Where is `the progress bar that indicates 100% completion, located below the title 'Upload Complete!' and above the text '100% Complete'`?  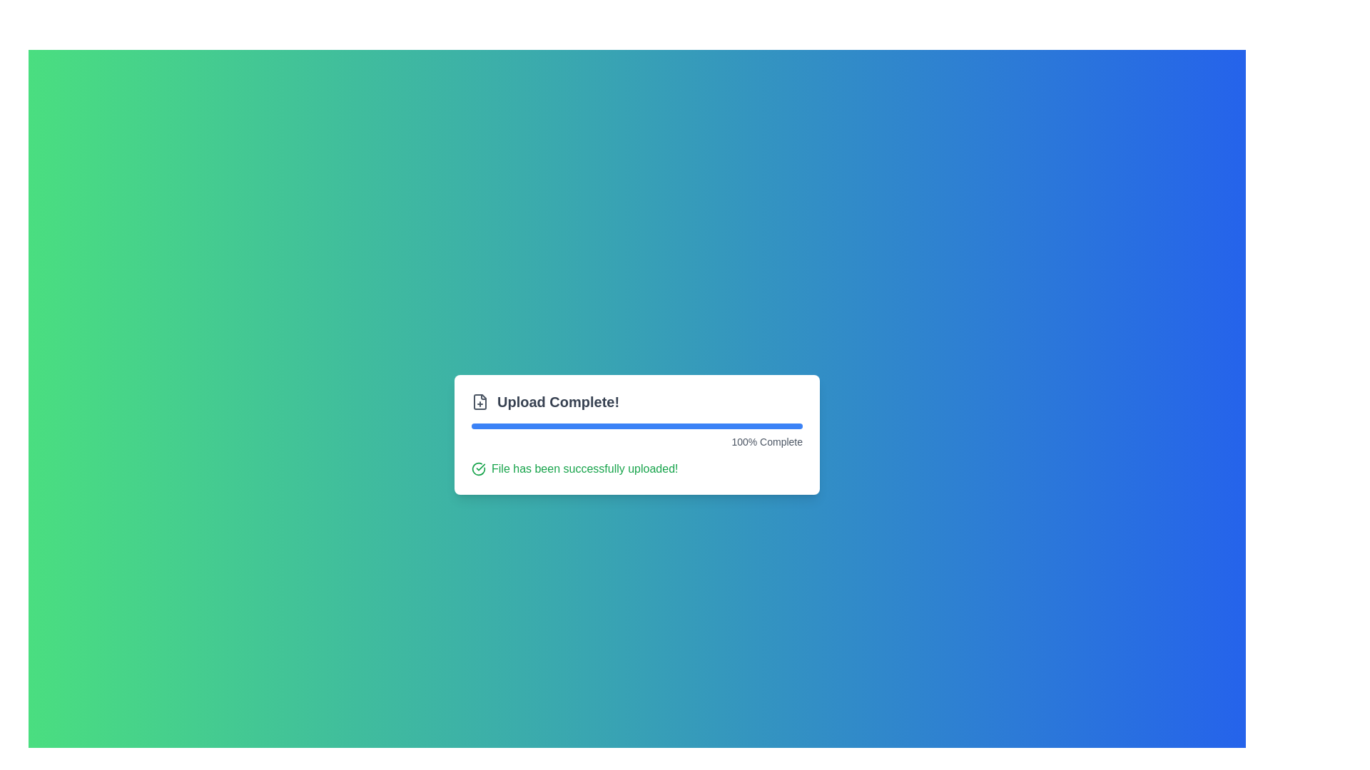 the progress bar that indicates 100% completion, located below the title 'Upload Complete!' and above the text '100% Complete' is located at coordinates (636, 425).